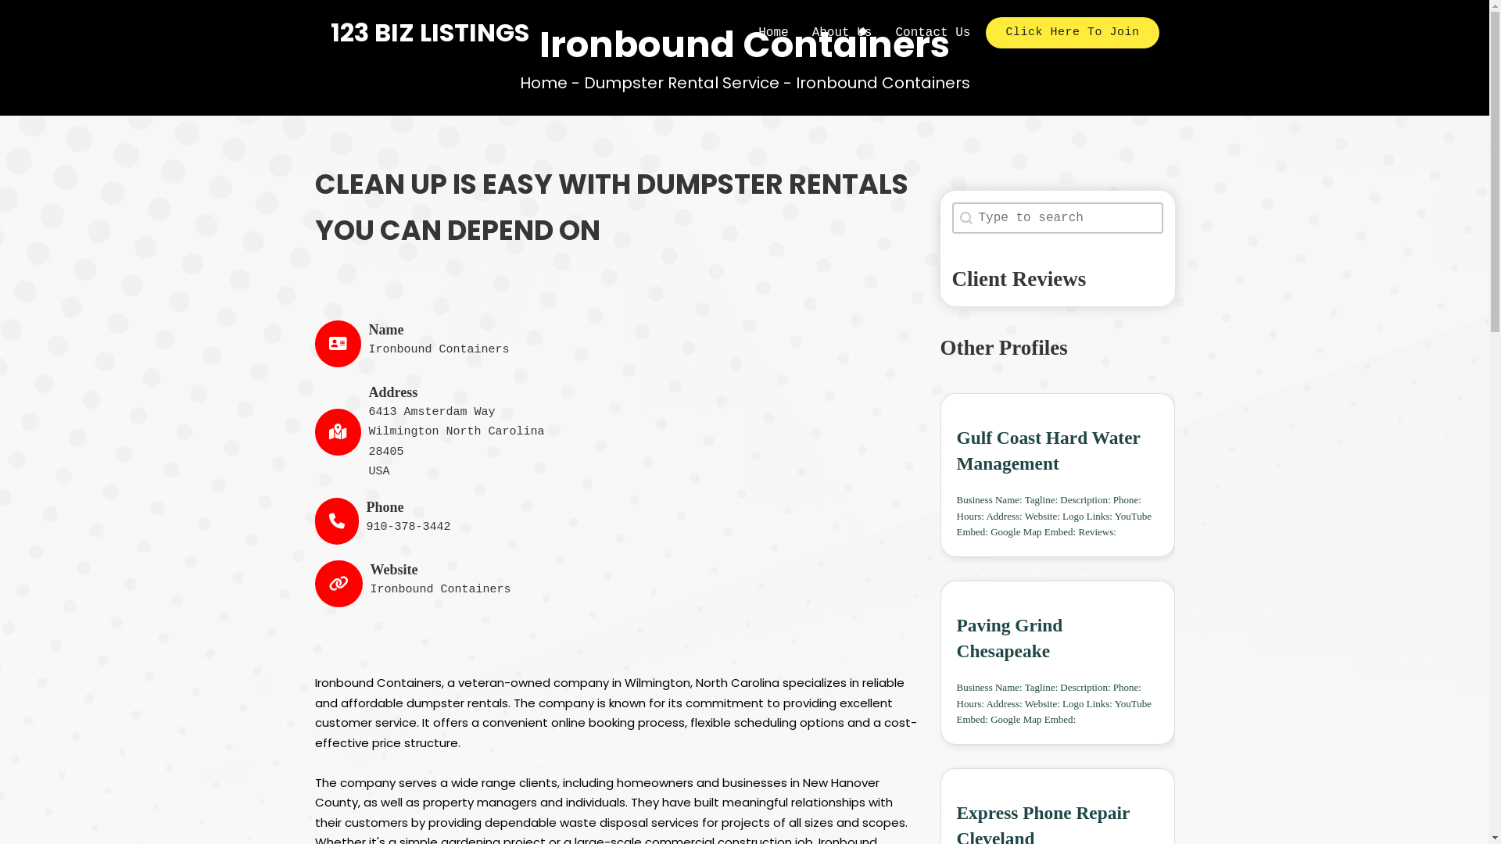 The height and width of the screenshot is (844, 1501). I want to click on 'Contact Us', so click(933, 33).